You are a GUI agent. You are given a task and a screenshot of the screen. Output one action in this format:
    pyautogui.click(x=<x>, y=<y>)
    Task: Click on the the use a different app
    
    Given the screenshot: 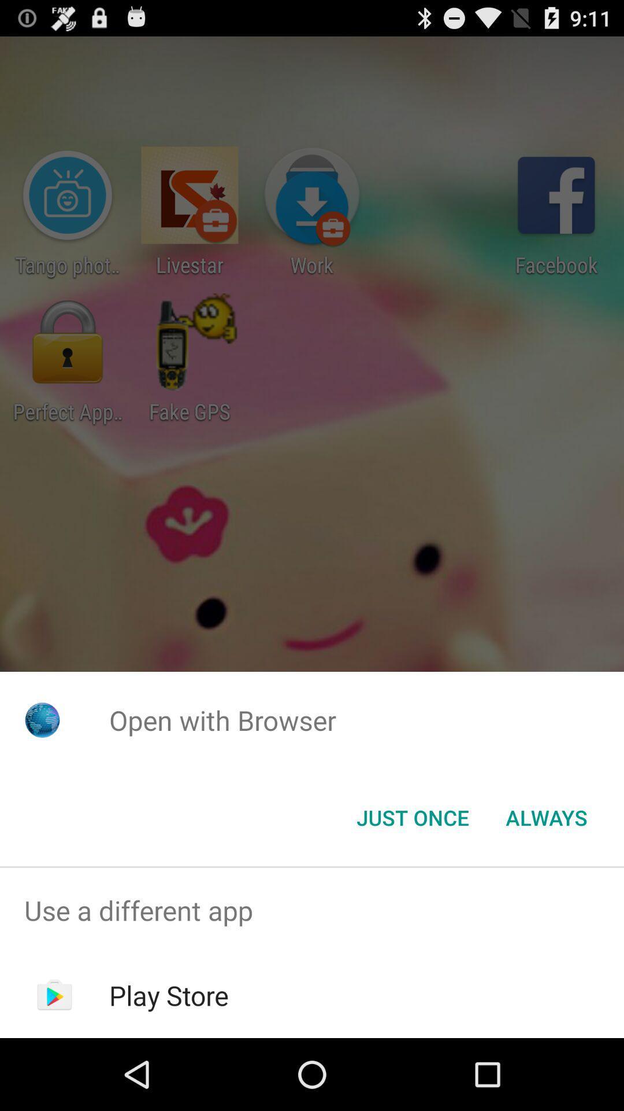 What is the action you would take?
    pyautogui.click(x=312, y=910)
    